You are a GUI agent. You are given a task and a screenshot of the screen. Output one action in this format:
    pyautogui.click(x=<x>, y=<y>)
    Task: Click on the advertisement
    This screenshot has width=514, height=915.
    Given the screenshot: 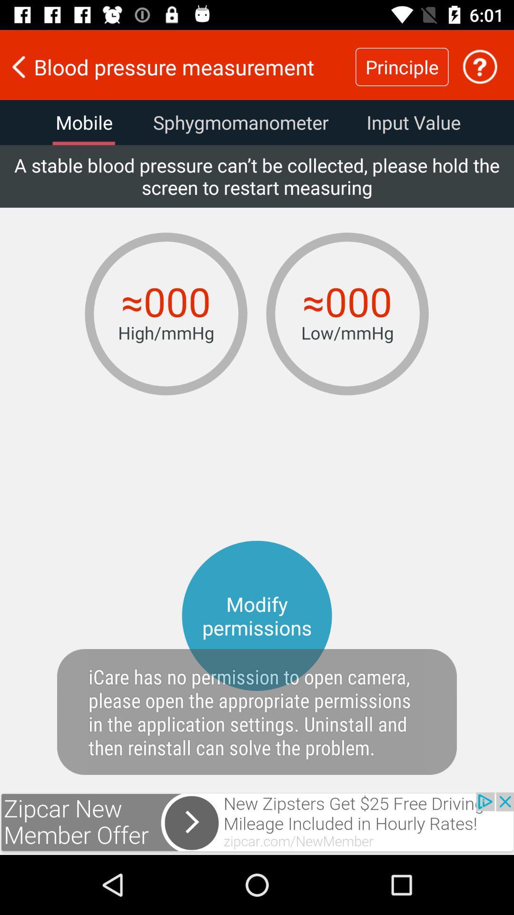 What is the action you would take?
    pyautogui.click(x=257, y=823)
    